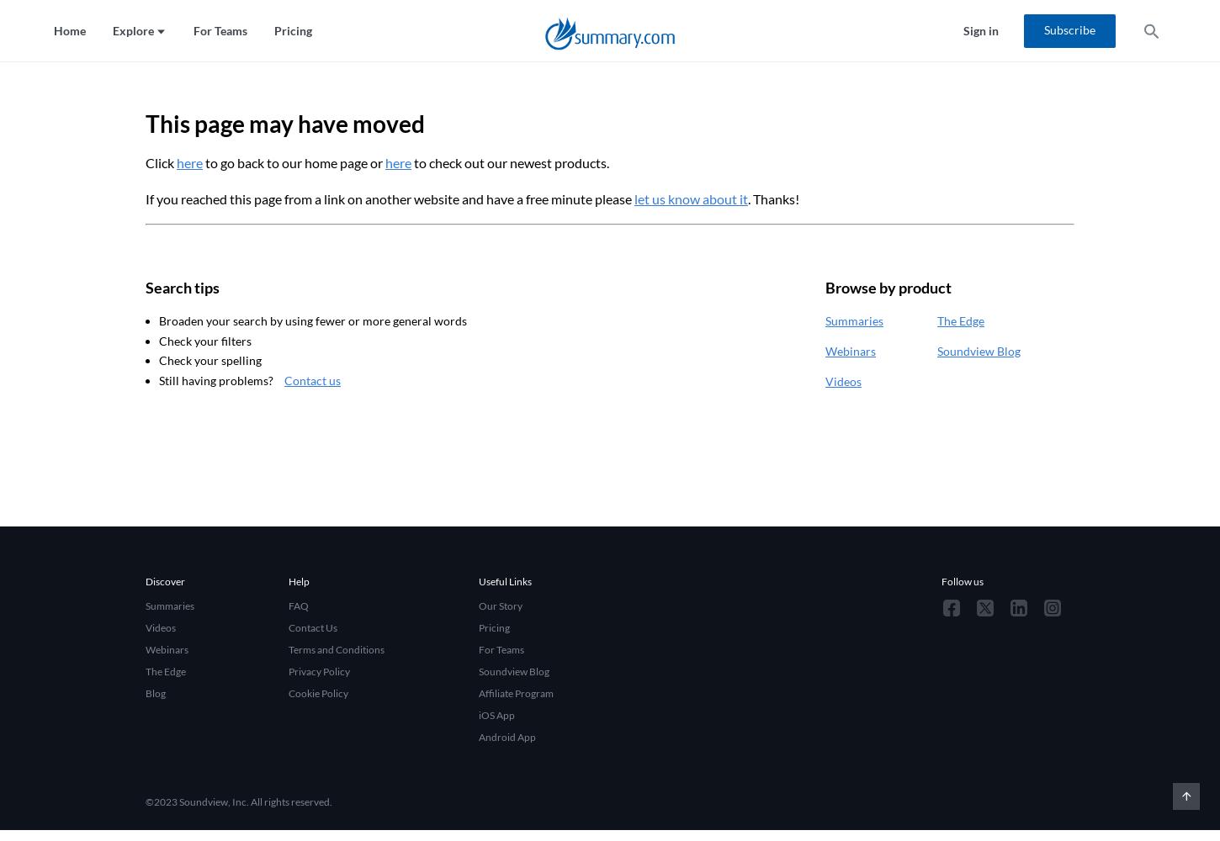  I want to click on 'Soundview Blog', so click(978, 350).